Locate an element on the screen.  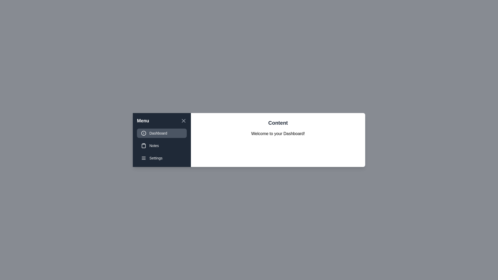
the lower part of the clipboard icon, which is the second icon in the vertical navigation menu related to the 'Notes' label is located at coordinates (143, 146).